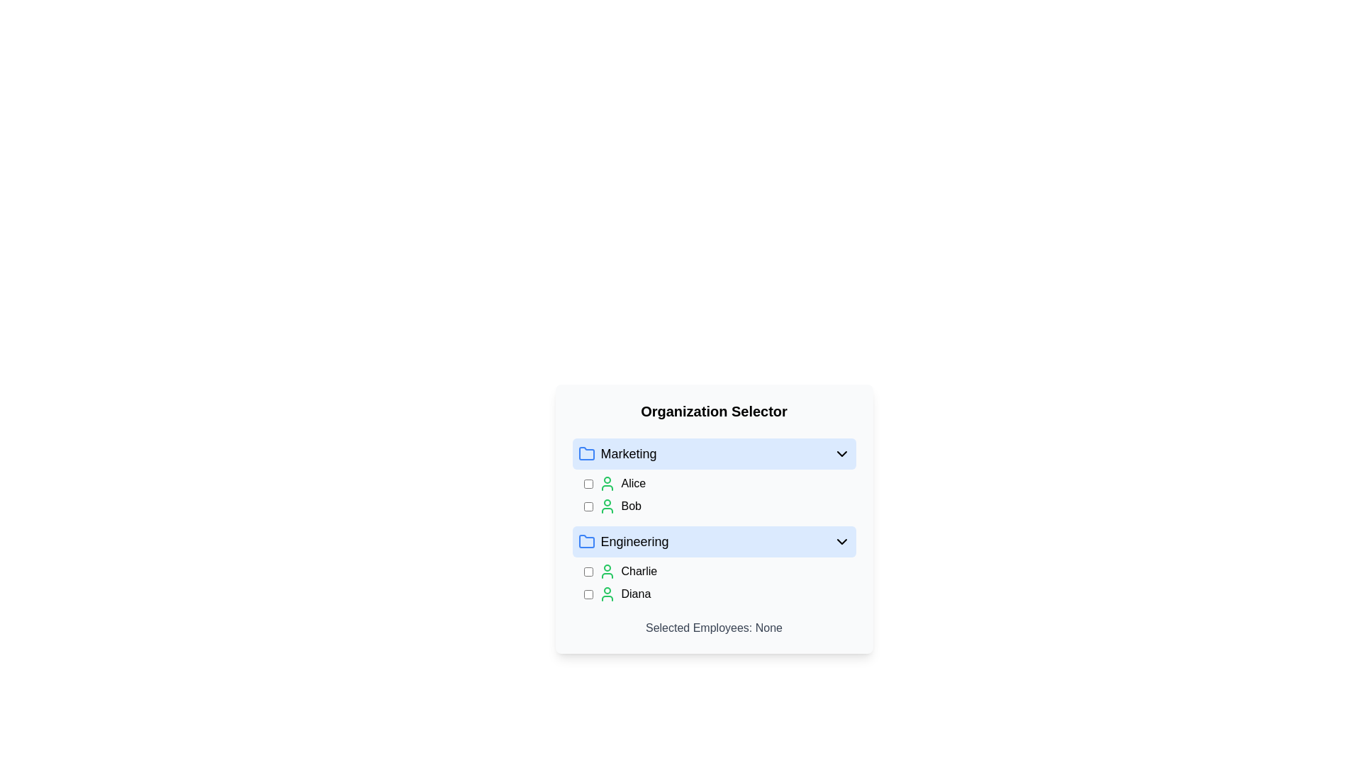 This screenshot has height=765, width=1361. Describe the element at coordinates (623, 541) in the screenshot. I see `the 'Engineering' folder item in the organization selector` at that location.